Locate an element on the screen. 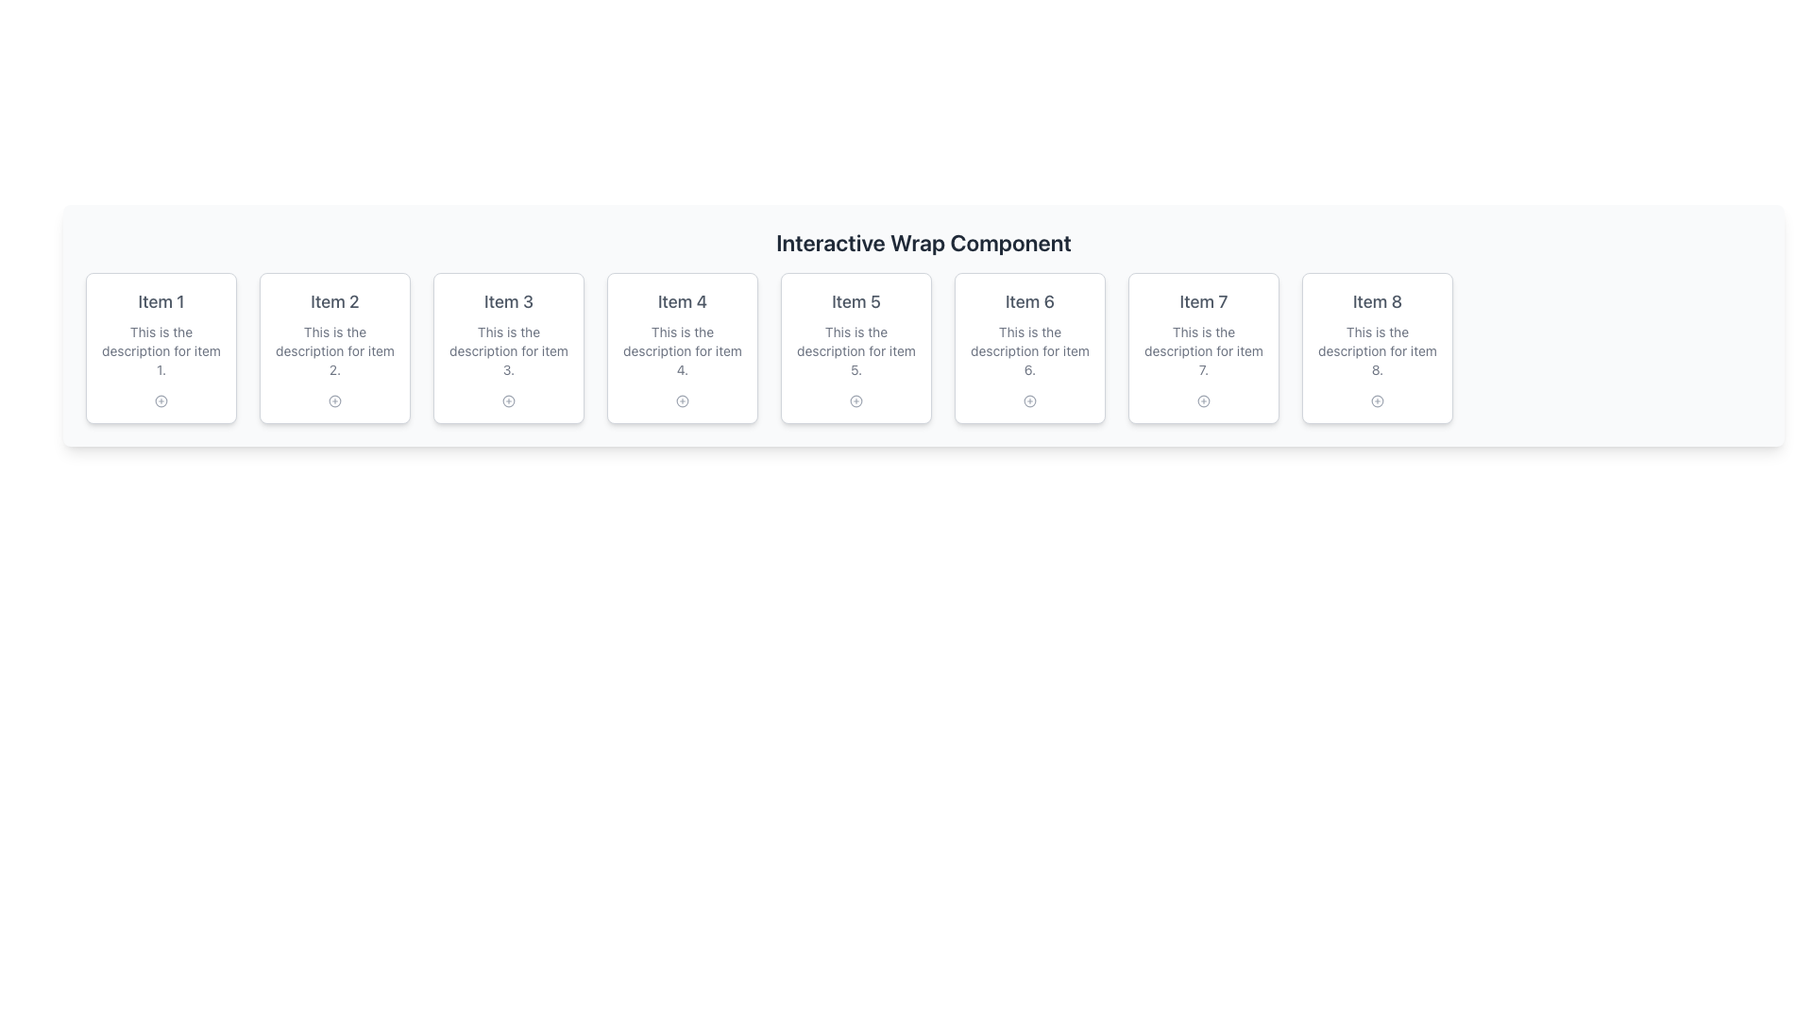 The image size is (1813, 1020). the circular '+' IconButton located at the bottom-right side of the card labeled 'Item 4' to initiate an action is located at coordinates (682, 399).